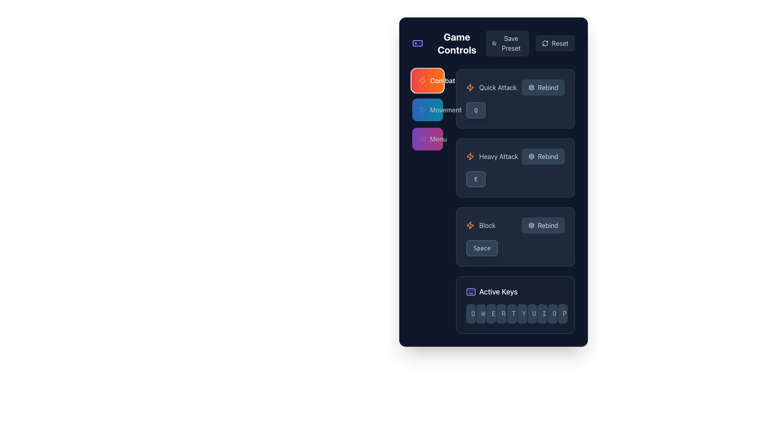 The image size is (779, 438). I want to click on the first button in the 'Game Controls' section, so click(427, 81).